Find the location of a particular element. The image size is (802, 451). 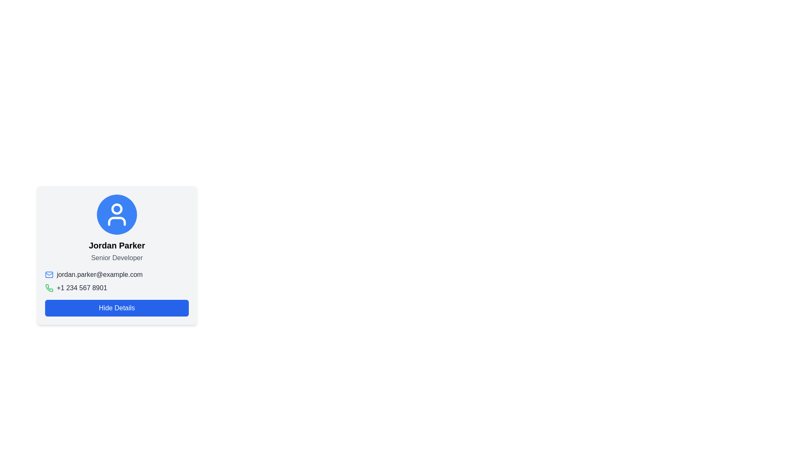

the green phone icon located in the contact information section, positioned directly to the left of the phone number '+1 234 567 8901' is located at coordinates (49, 288).